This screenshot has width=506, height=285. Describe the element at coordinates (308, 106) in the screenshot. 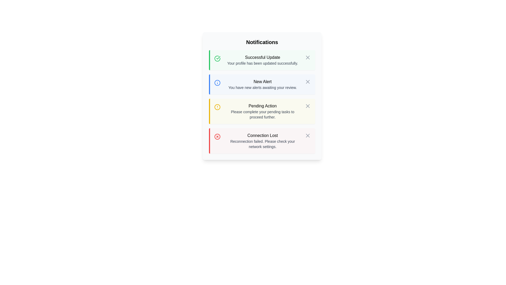

I see `the dismiss button located at the rightmost side of the notification card, which is marked by a yellow vertical line and contains the text 'Pending Action Please complete your pending tasks to proceed further.'` at that location.